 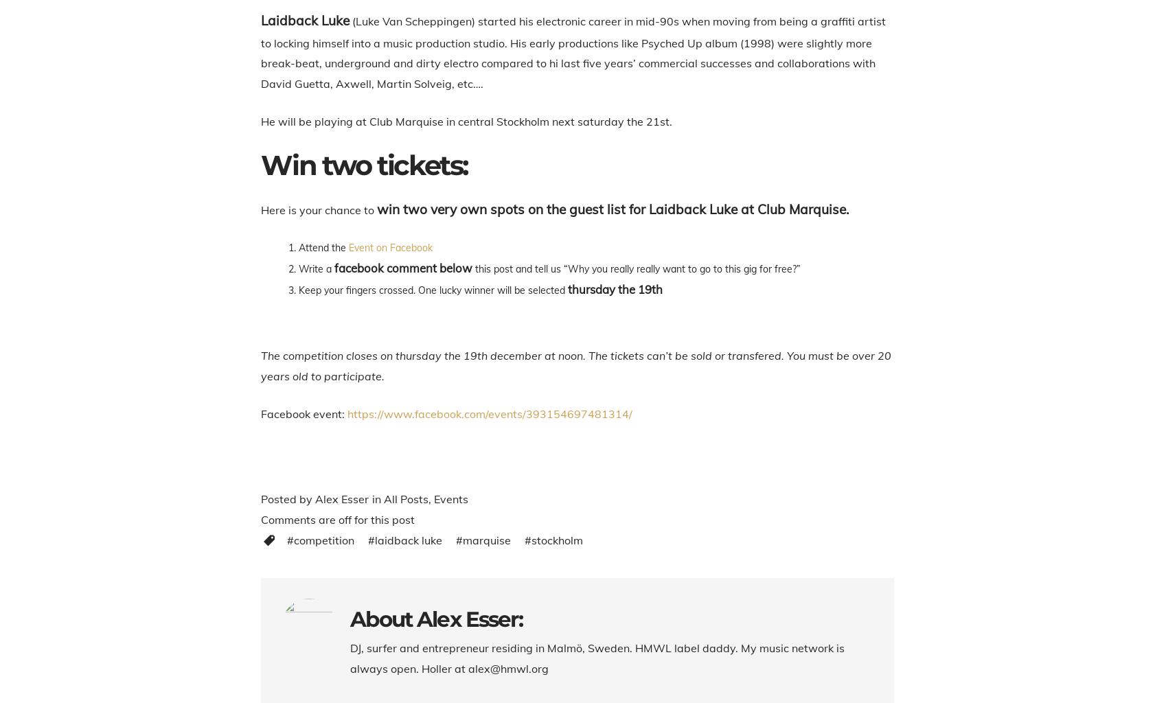 I want to click on '(Luke Van Scheppingen) started his electronic career in mid-90s when moving from being a graffiti artist to locking himself into a music production studio. His early productions like Psyched Up album (1998) were slightly more break-beat, underground and dirty electro compared to hi last five years’ commercial successes and collaborations with David Guetta, Axwell, Martin Solveig, etc….', so click(x=573, y=51).